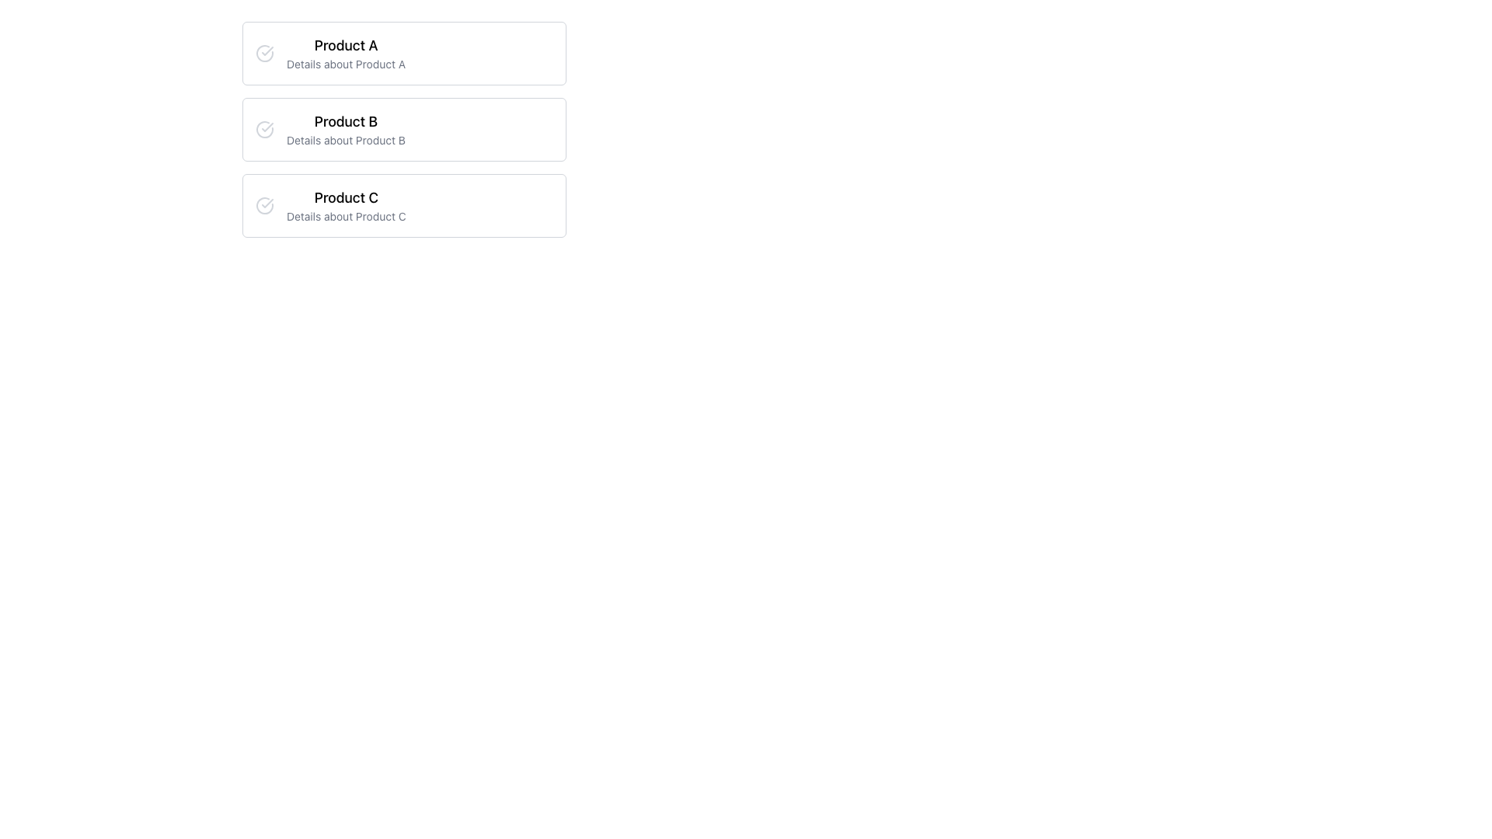 This screenshot has height=839, width=1492. I want to click on the icon indicating the status or selection for 'Product A', positioned within the first list item and aligned to the left of the text, so click(267, 50).